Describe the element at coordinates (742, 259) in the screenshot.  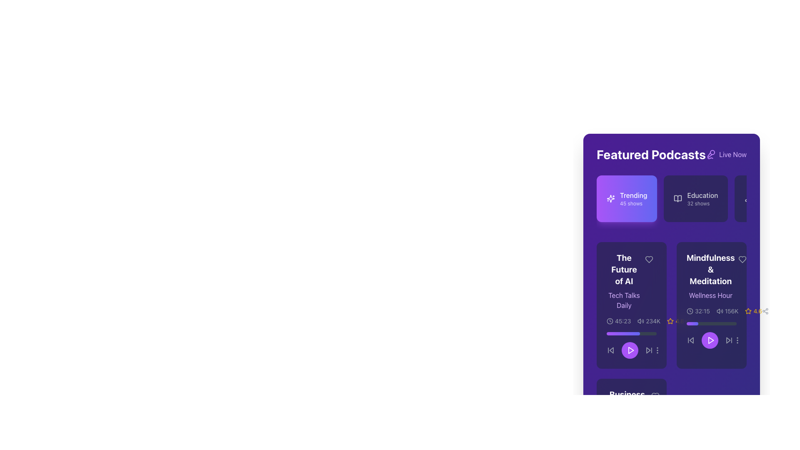
I see `the heart-shaped icon button located in the top-right corner of the 'Mindfulness & Meditation' card` at that location.